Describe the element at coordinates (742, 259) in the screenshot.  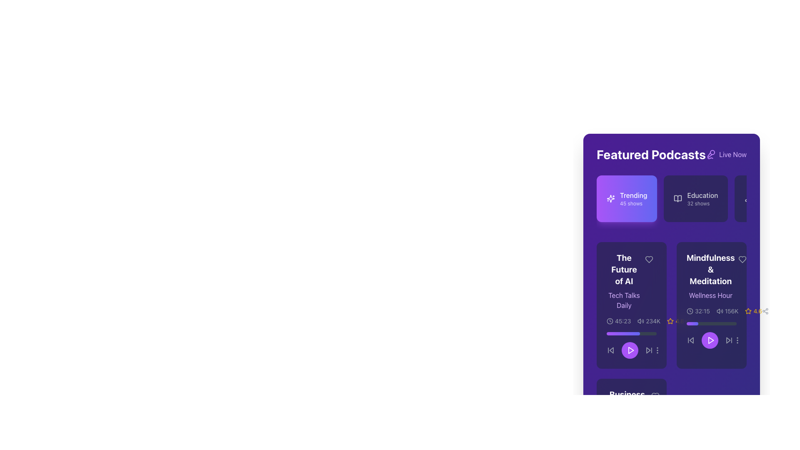
I see `the heart-shaped icon button located in the top-right corner of the 'Mindfulness & Meditation' card` at that location.